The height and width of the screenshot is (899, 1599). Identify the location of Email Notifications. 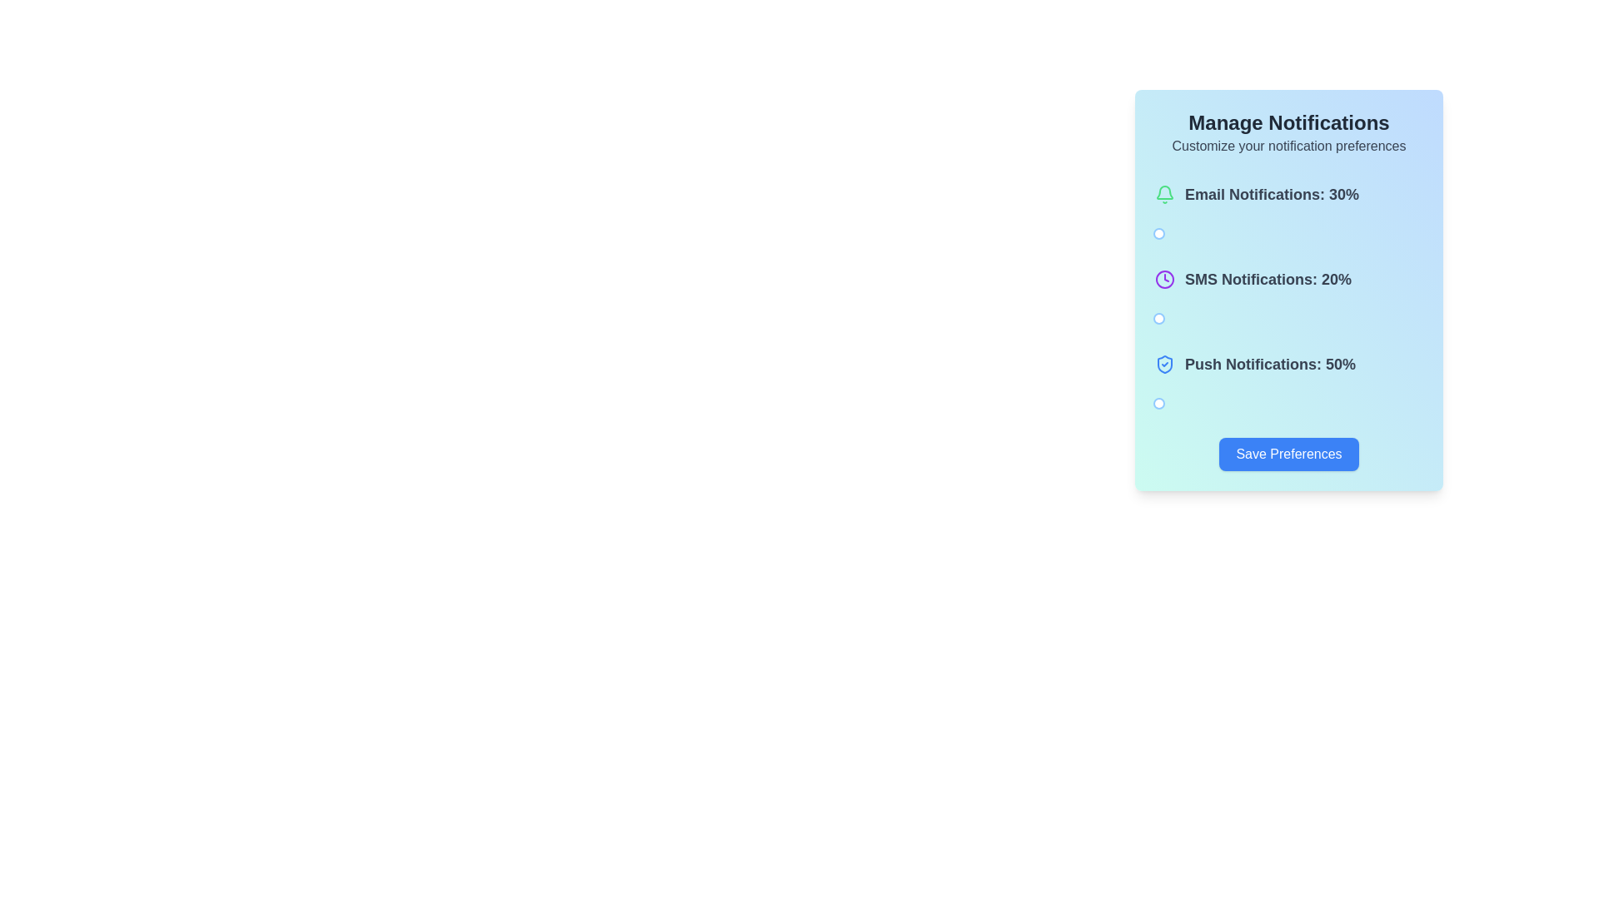
(1215, 234).